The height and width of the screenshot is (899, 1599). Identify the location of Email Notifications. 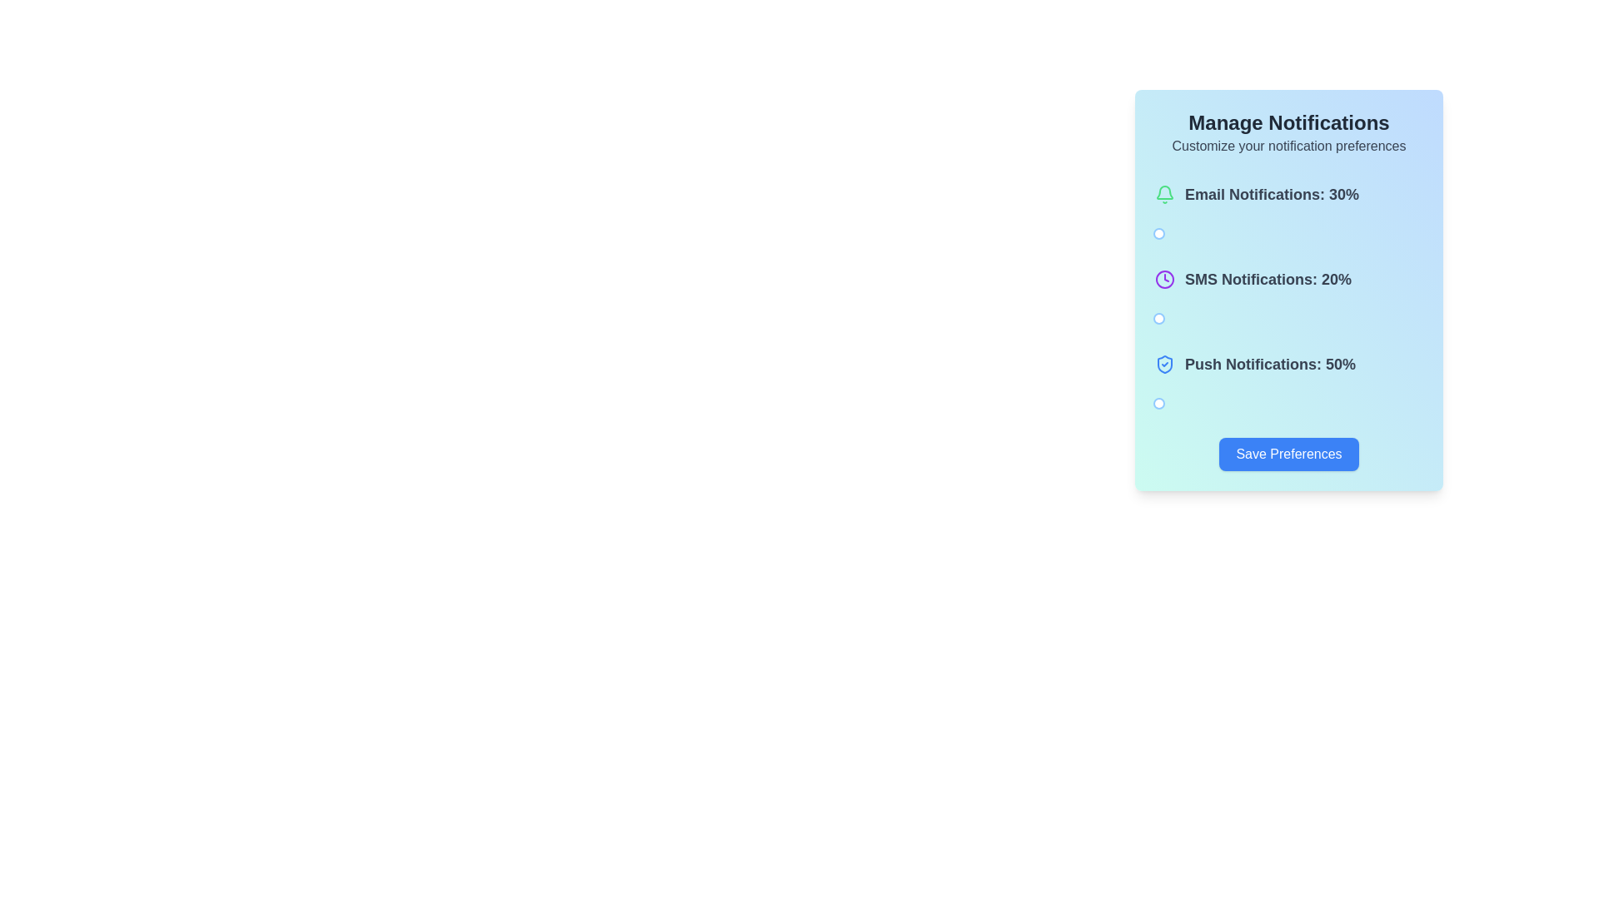
(1215, 234).